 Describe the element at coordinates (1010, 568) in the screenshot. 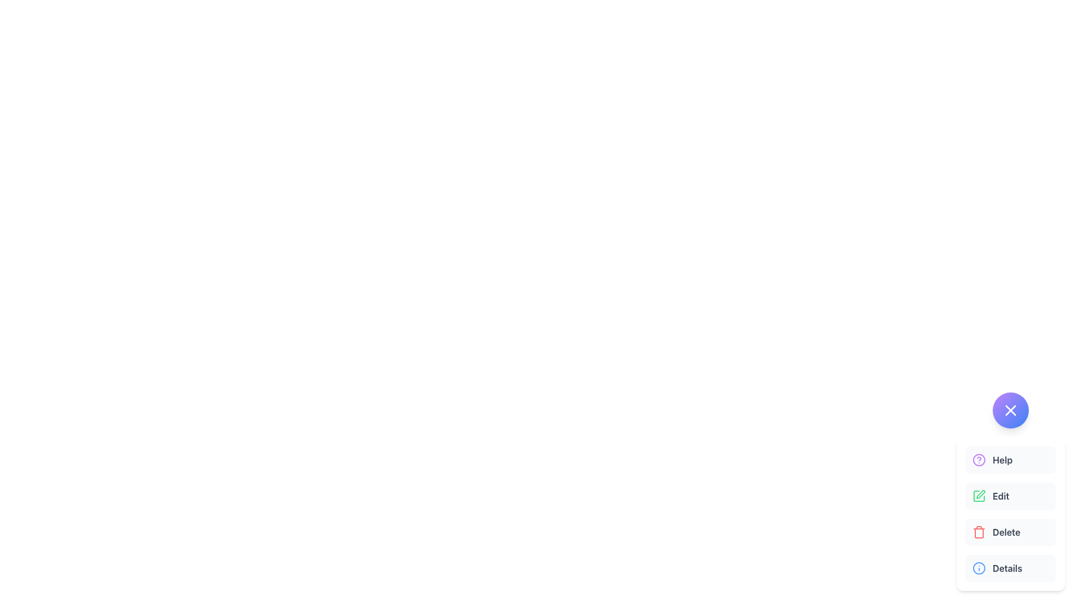

I see `the 'Details' button located at the bottom of a vertically aligned list of options` at that location.